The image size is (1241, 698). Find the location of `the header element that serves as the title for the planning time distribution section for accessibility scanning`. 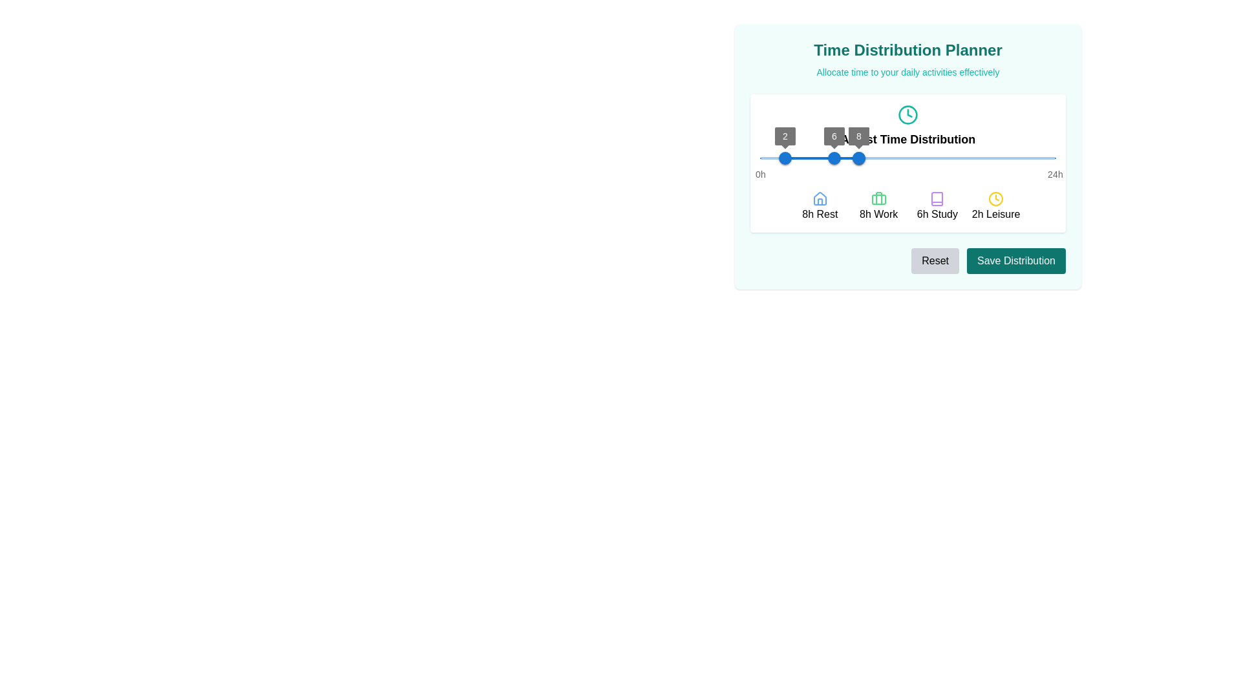

the header element that serves as the title for the planning time distribution section for accessibility scanning is located at coordinates (907, 49).